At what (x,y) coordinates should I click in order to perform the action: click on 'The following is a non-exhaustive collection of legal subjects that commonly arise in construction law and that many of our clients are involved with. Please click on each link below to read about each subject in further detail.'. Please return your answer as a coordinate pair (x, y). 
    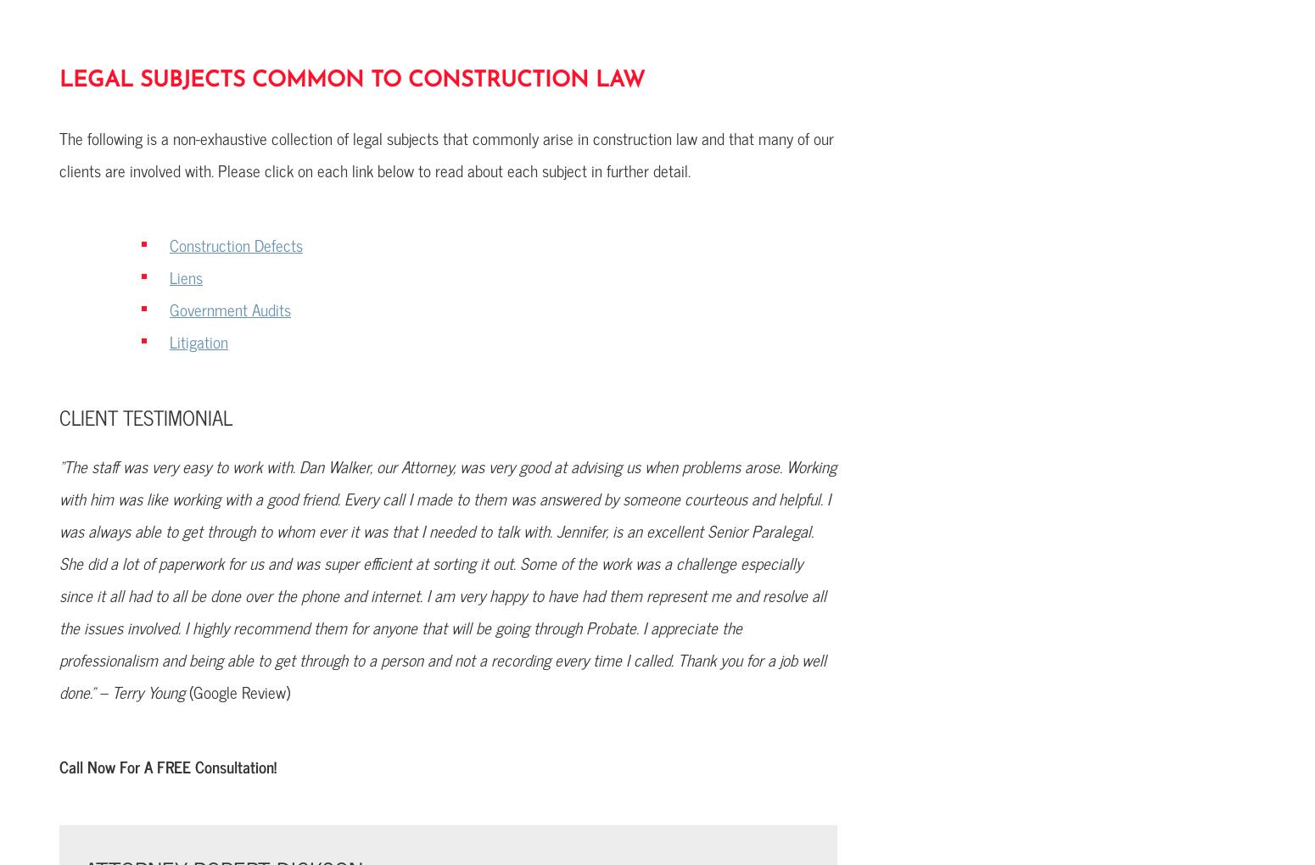
    Looking at the image, I should click on (445, 153).